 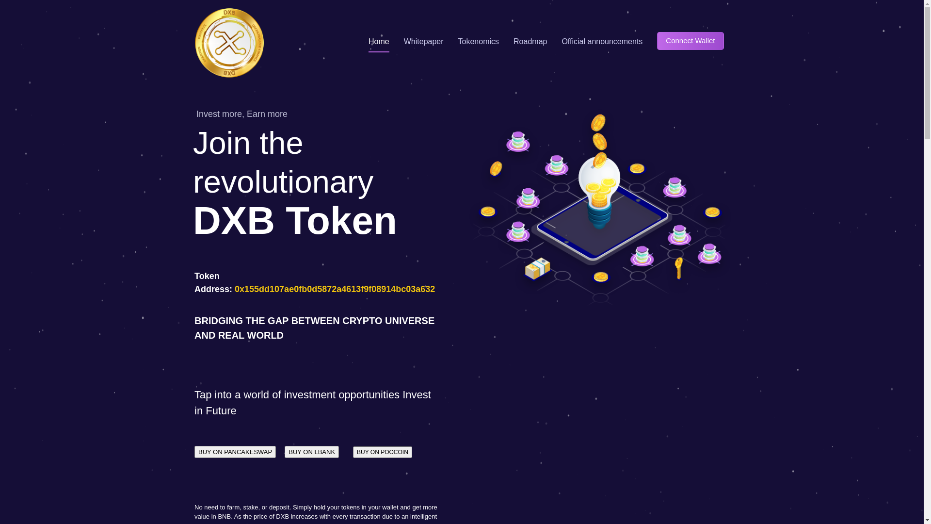 I want to click on 'Roadmap', so click(x=530, y=42).